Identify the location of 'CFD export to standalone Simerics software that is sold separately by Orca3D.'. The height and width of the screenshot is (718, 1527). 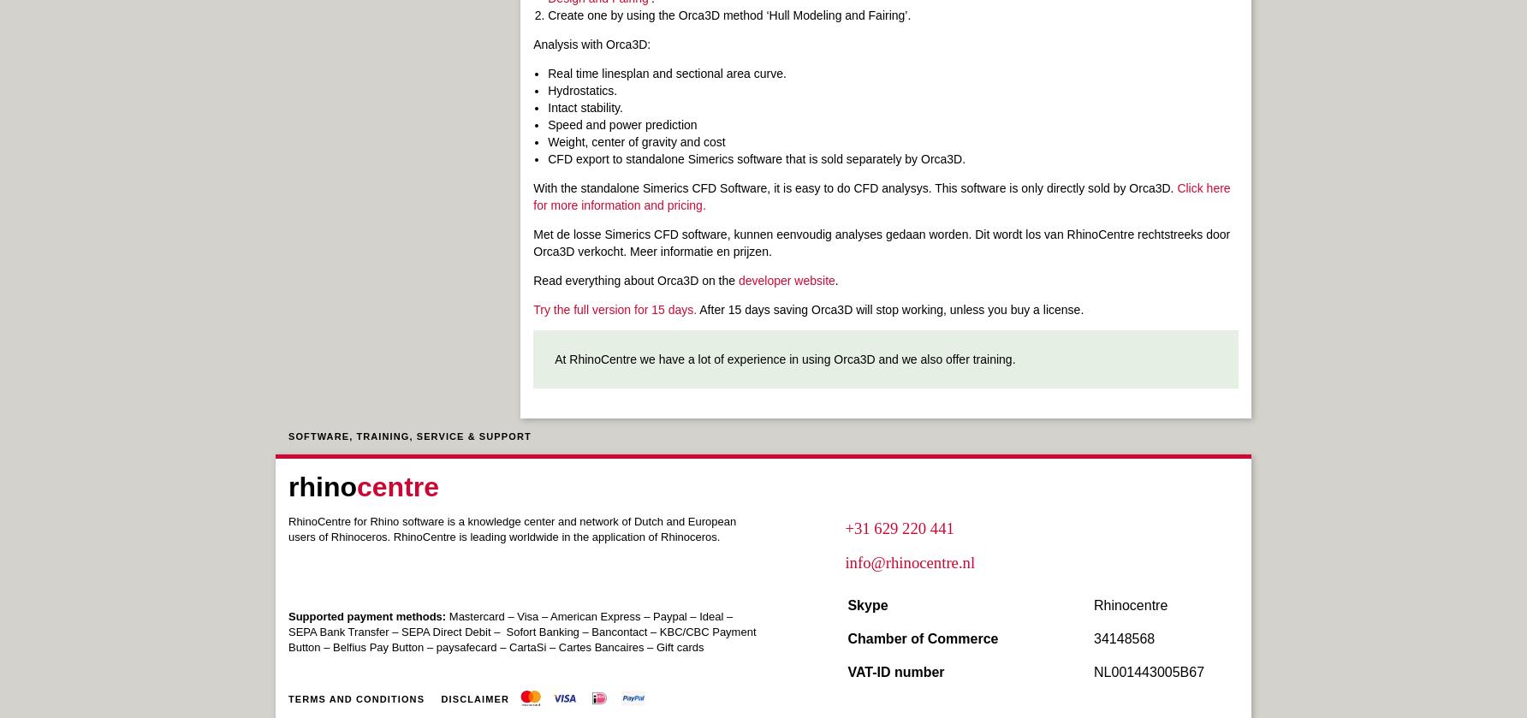
(755, 159).